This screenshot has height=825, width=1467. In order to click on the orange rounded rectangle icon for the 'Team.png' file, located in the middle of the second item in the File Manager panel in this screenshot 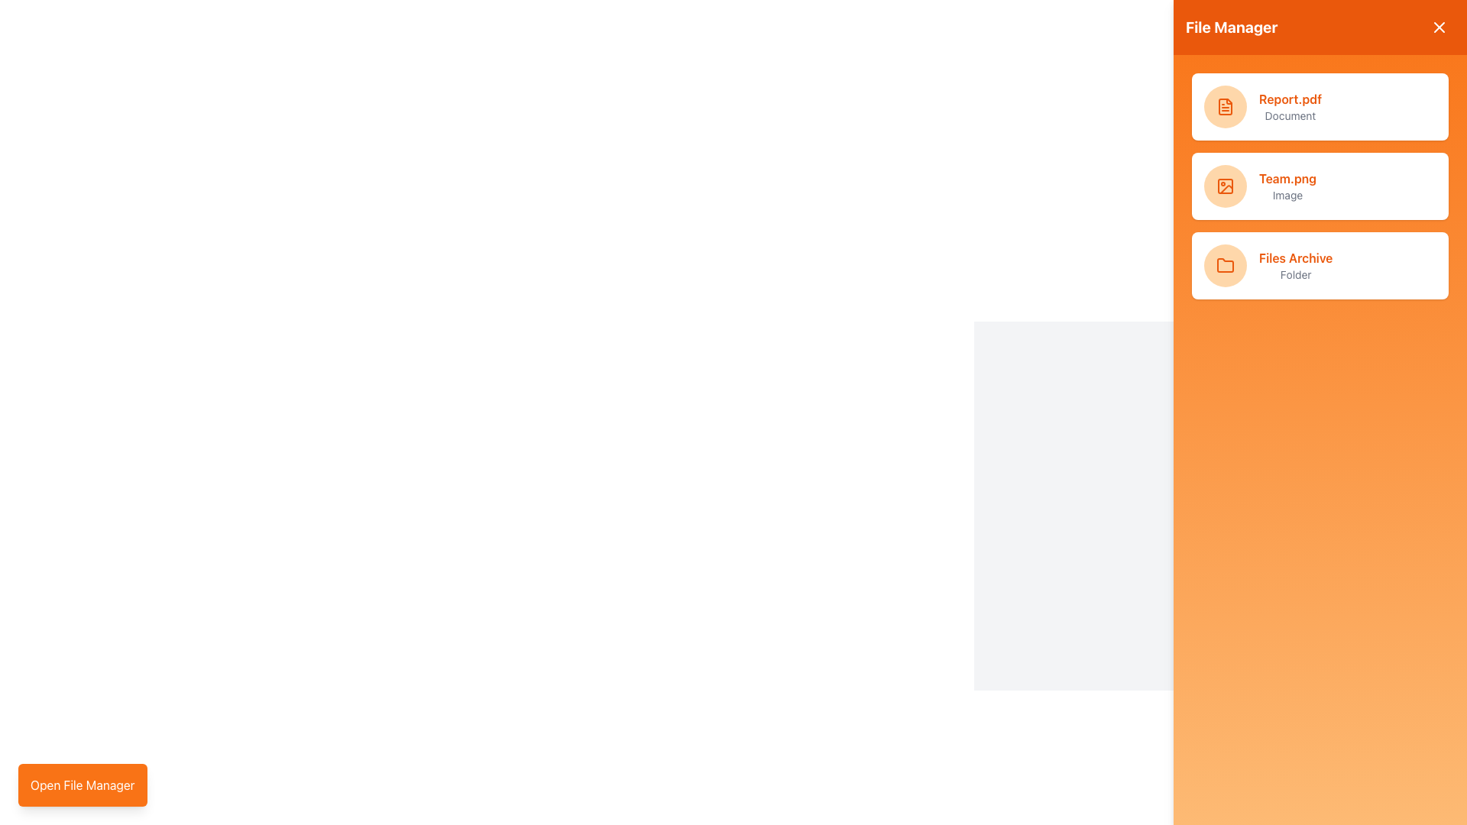, I will do `click(1225, 185)`.